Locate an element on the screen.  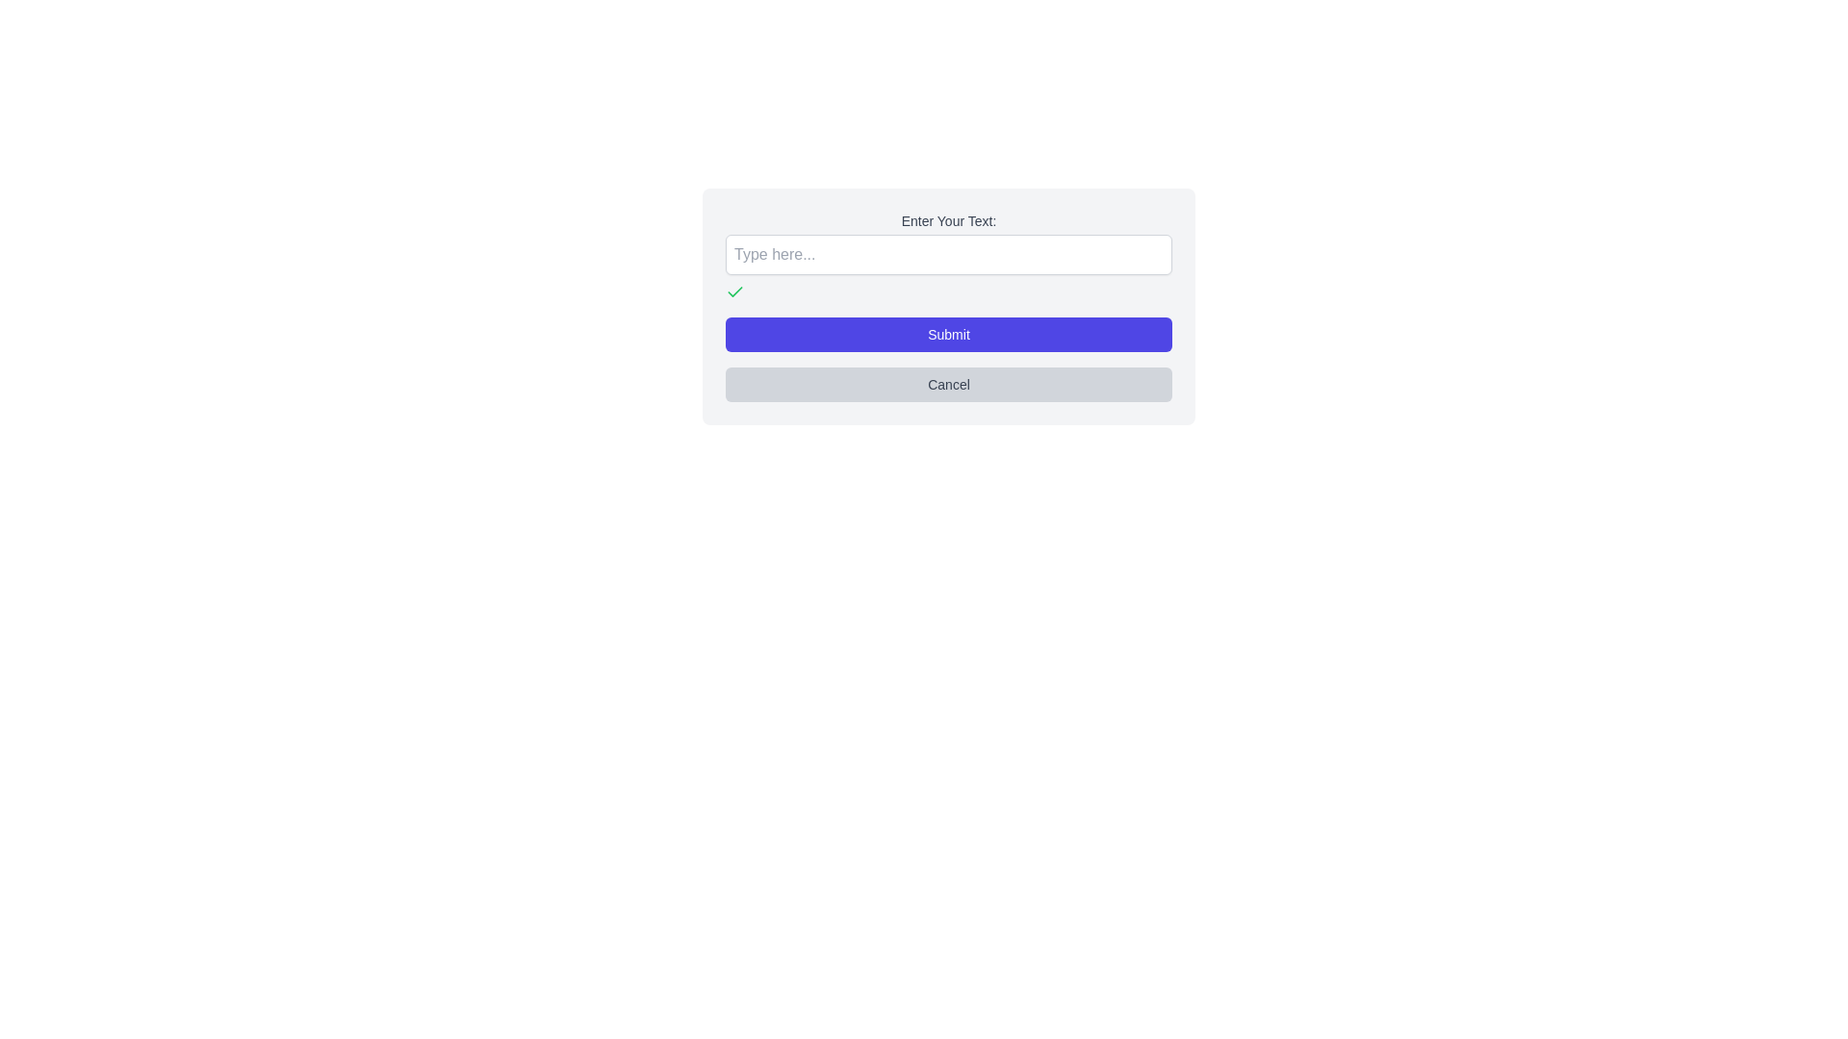
the submission button located directly beneath the text input field labeled 'Enter Your Text:' and above the 'Cancel' button is located at coordinates (948, 306).